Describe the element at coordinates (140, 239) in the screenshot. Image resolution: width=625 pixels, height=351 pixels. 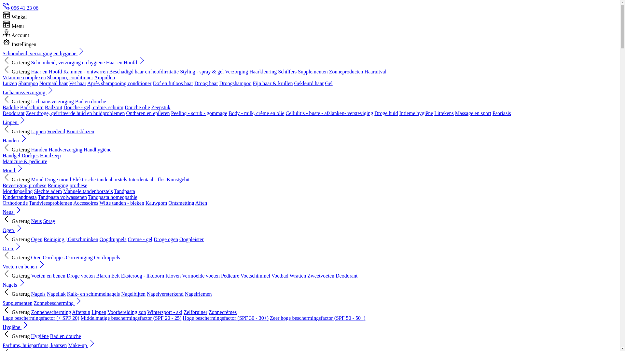
I see `'Creme - gel'` at that location.